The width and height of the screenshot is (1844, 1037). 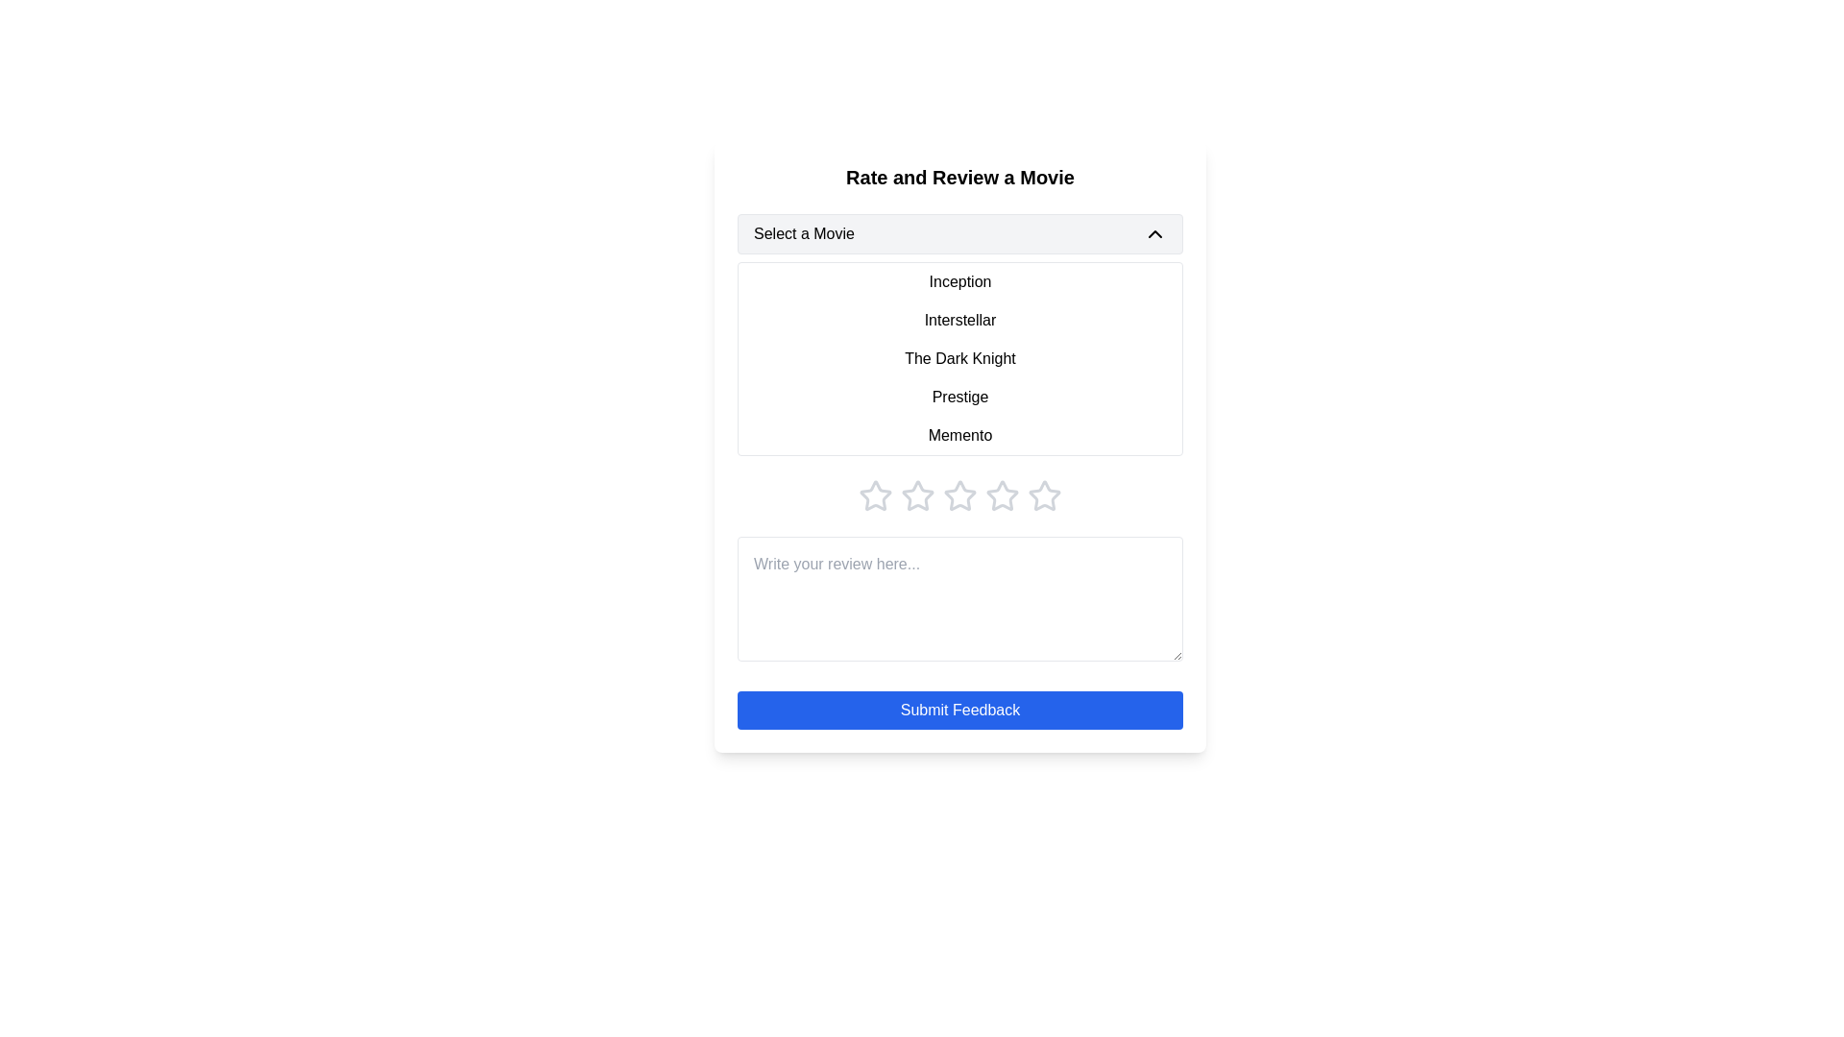 I want to click on the third rating star icon in the 'Rate and Review a Movie' section to select the third rating level out of five, so click(x=959, y=494).